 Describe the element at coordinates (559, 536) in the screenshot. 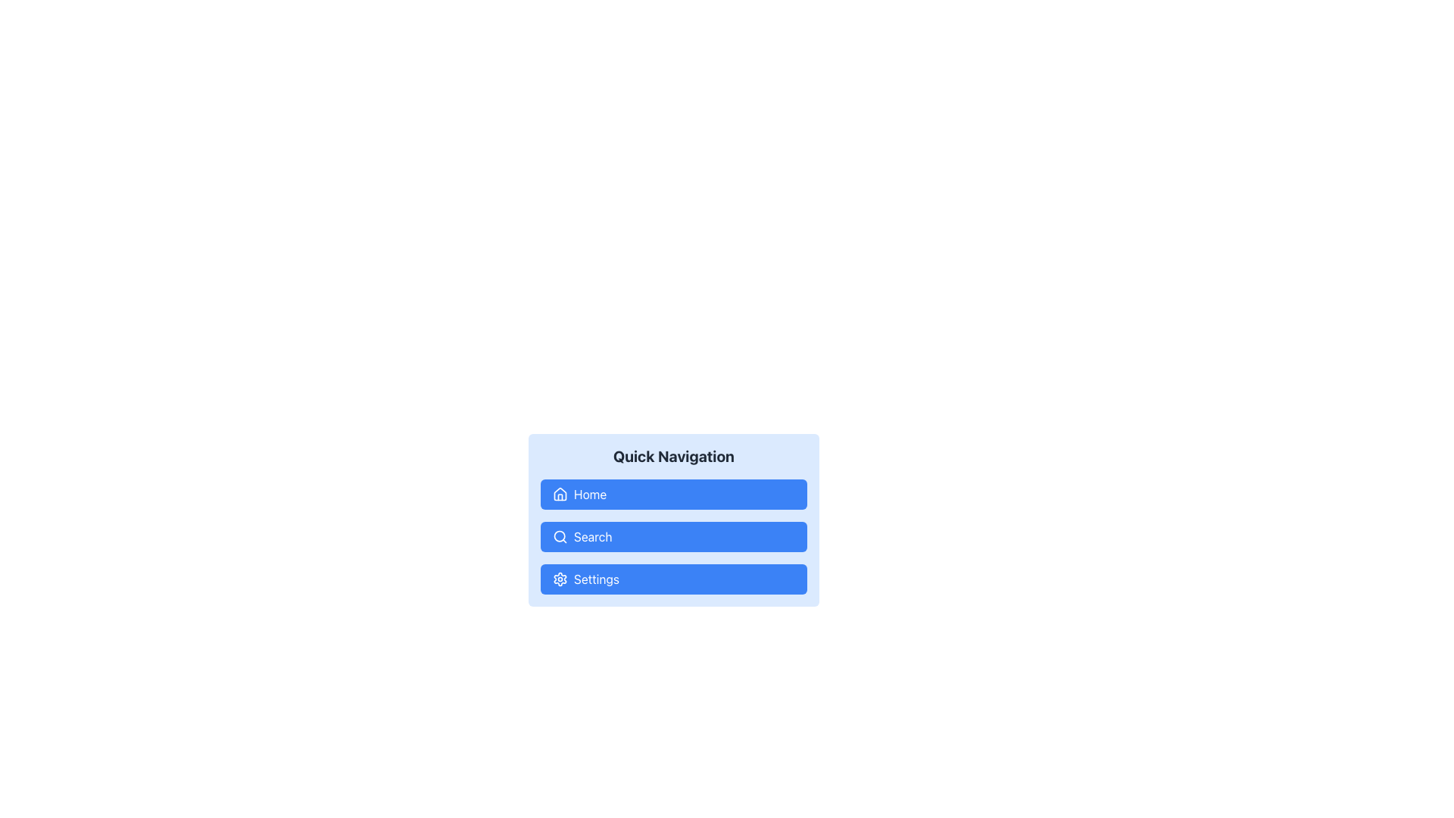

I see `the 'Search' icon located to the left of the text label 'Search' within the 'Search' button in the Quick Navigation section` at that location.